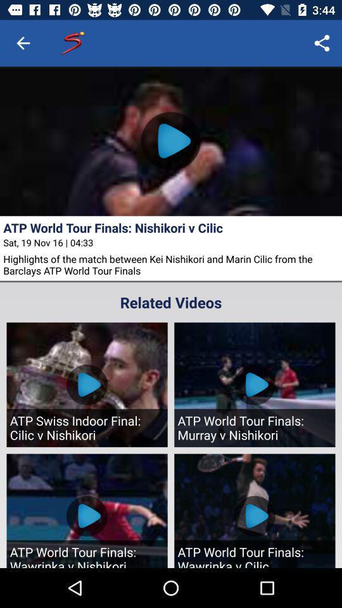 Image resolution: width=342 pixels, height=608 pixels. What do you see at coordinates (87, 384) in the screenshot?
I see `the first video below related videos` at bounding box center [87, 384].